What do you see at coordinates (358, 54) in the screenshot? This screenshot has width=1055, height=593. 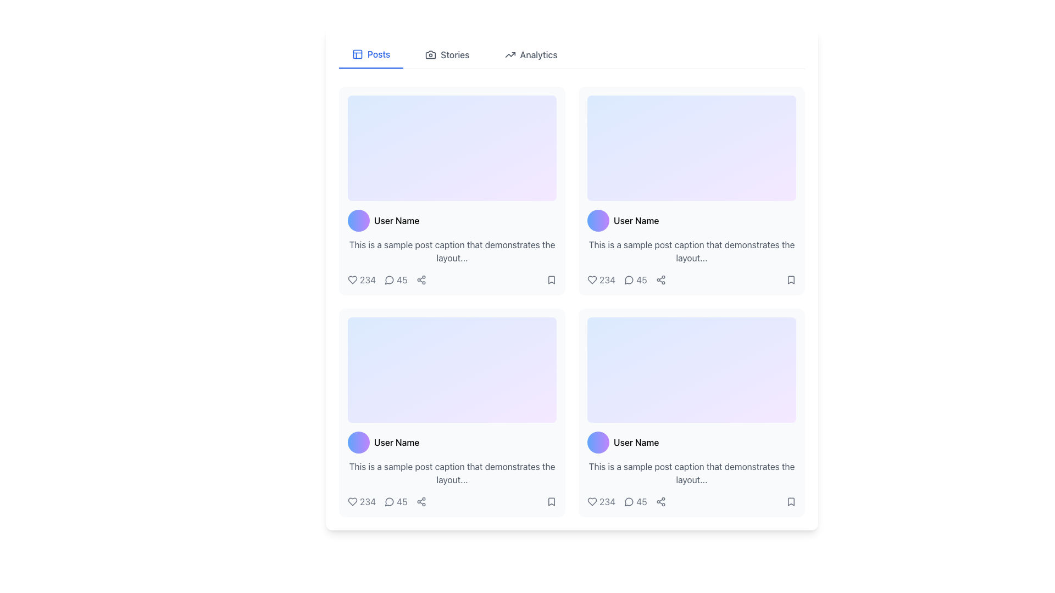 I see `the rectangular graphical element located at the top-left corner of the interface, which is part of an icon in the navigation bar` at bounding box center [358, 54].